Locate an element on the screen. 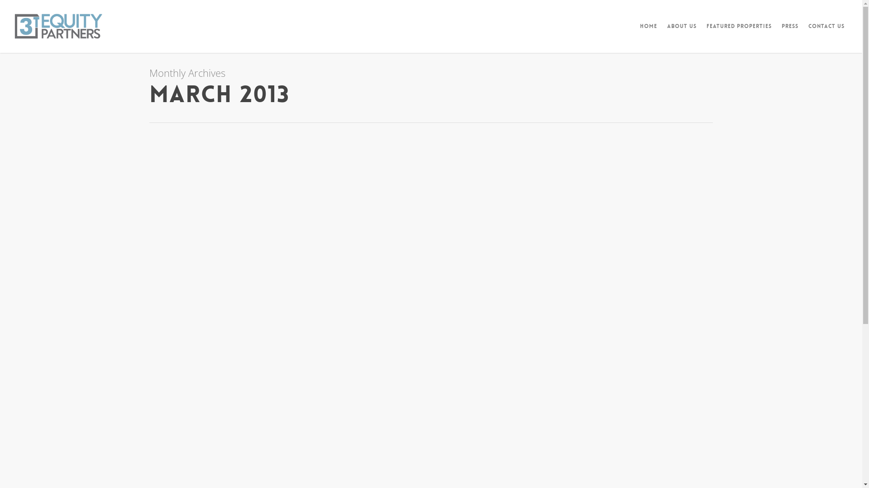  'PRESS' is located at coordinates (789, 32).